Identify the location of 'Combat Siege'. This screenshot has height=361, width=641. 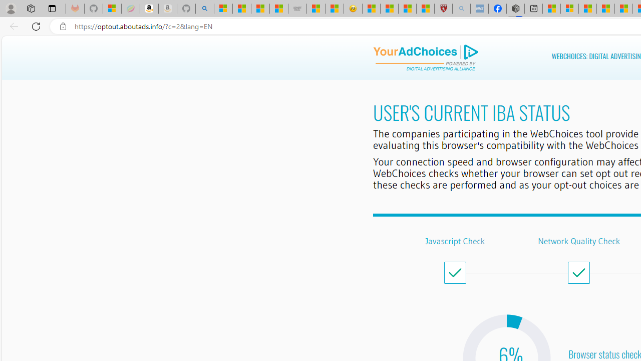
(296, 9).